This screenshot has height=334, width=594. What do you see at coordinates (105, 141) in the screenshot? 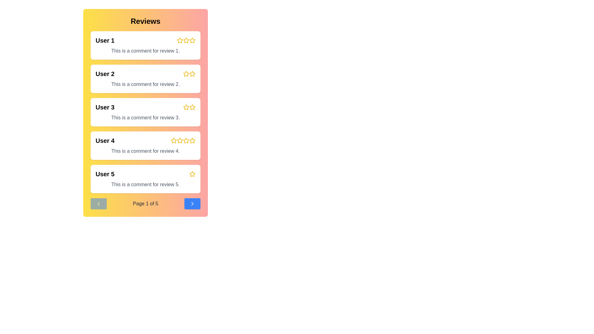
I see `text from the text label displaying 'User 4', which is the fourth in a vertical list of user reviews` at bounding box center [105, 141].